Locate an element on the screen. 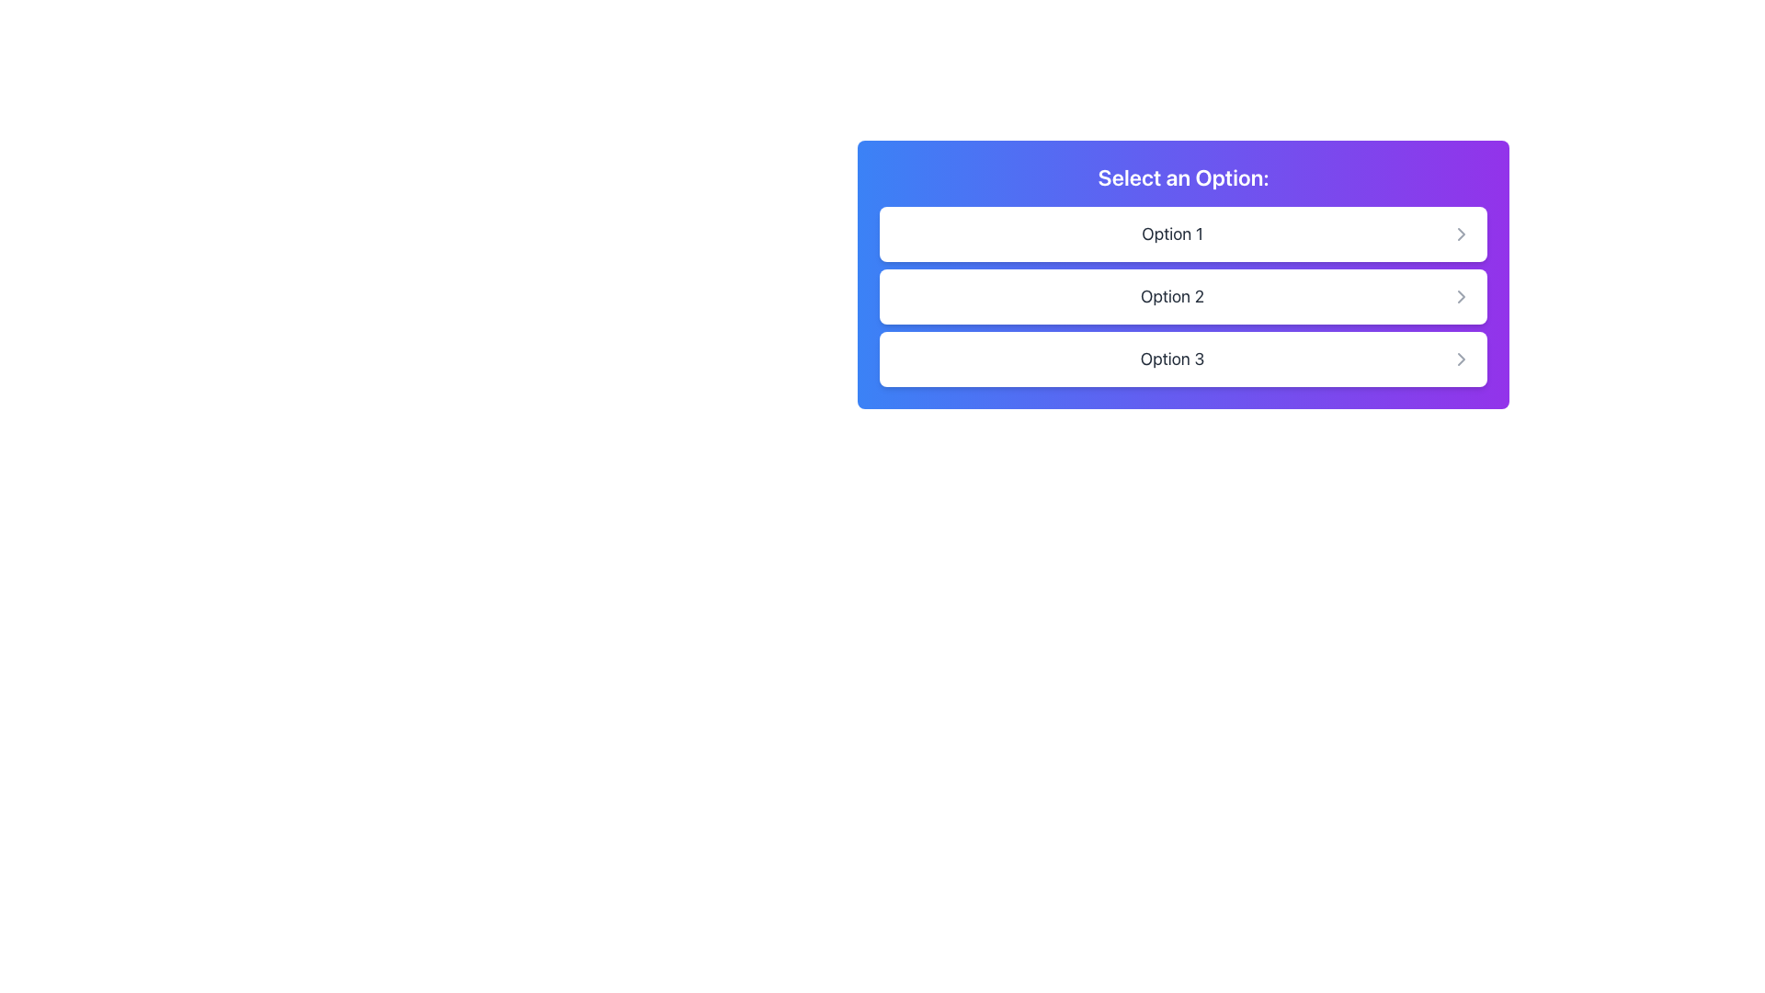 This screenshot has width=1765, height=993. the central graphical icon within the 'Option 2' button, which acts as a visual indicator of its clickable nature is located at coordinates (1460, 296).